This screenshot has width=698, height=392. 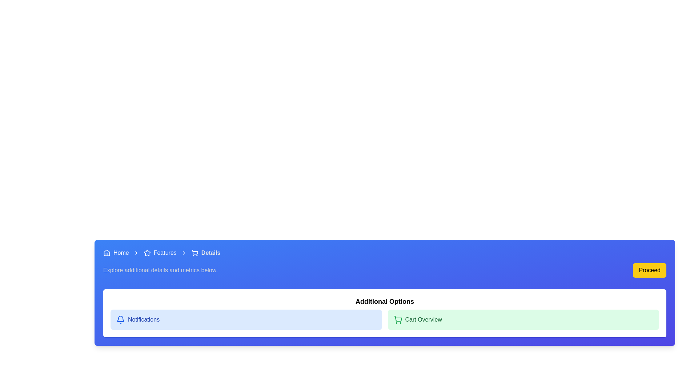 I want to click on the star icon that visually indicates the 'Features' navigation item, which is positioned adjacent to the text label 'Features' in the horizontal navigation bar, so click(x=147, y=253).